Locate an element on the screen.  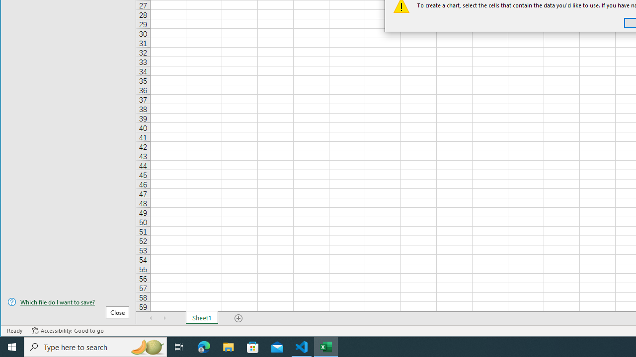
'File Explorer' is located at coordinates (228, 346).